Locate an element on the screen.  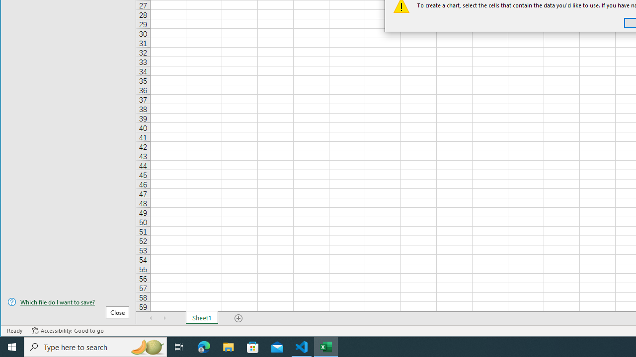
'File Explorer' is located at coordinates (228, 346).